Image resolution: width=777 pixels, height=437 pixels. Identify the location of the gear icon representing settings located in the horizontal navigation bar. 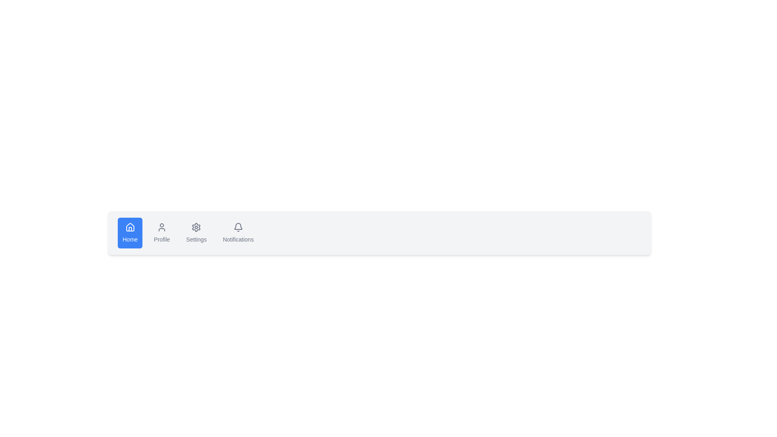
(196, 227).